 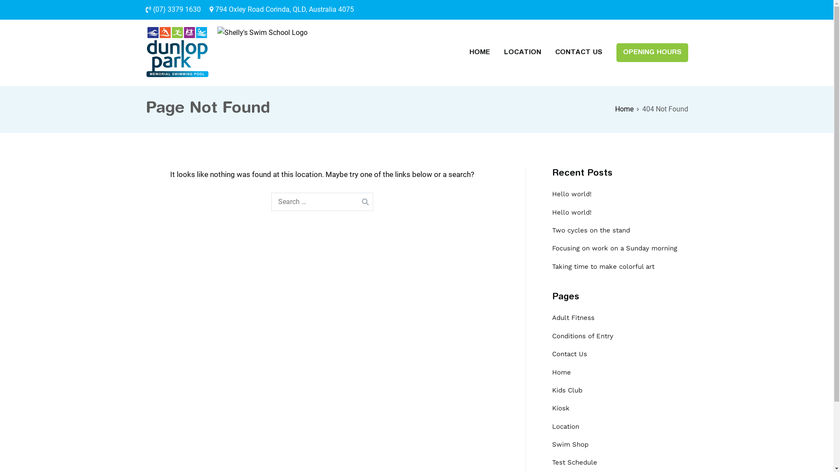 What do you see at coordinates (560, 408) in the screenshot?
I see `'Kiosk'` at bounding box center [560, 408].